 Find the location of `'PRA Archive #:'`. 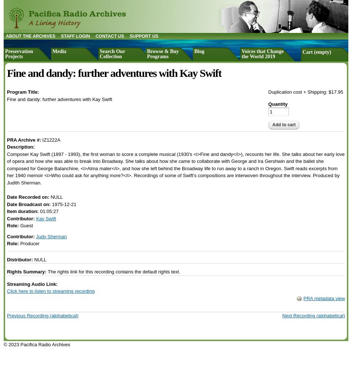

'PRA Archive #:' is located at coordinates (25, 139).